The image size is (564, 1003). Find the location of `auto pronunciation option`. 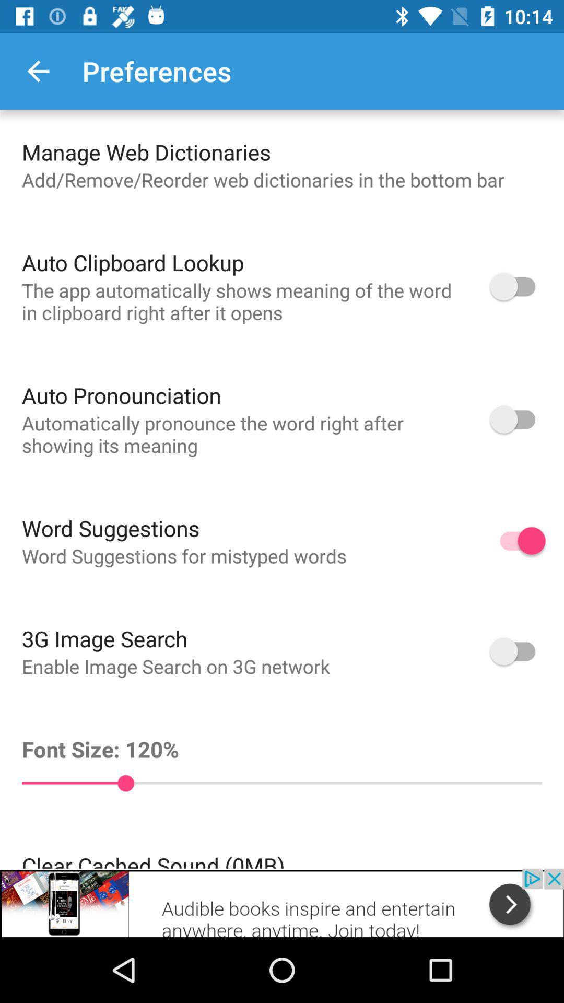

auto pronunciation option is located at coordinates (518, 419).